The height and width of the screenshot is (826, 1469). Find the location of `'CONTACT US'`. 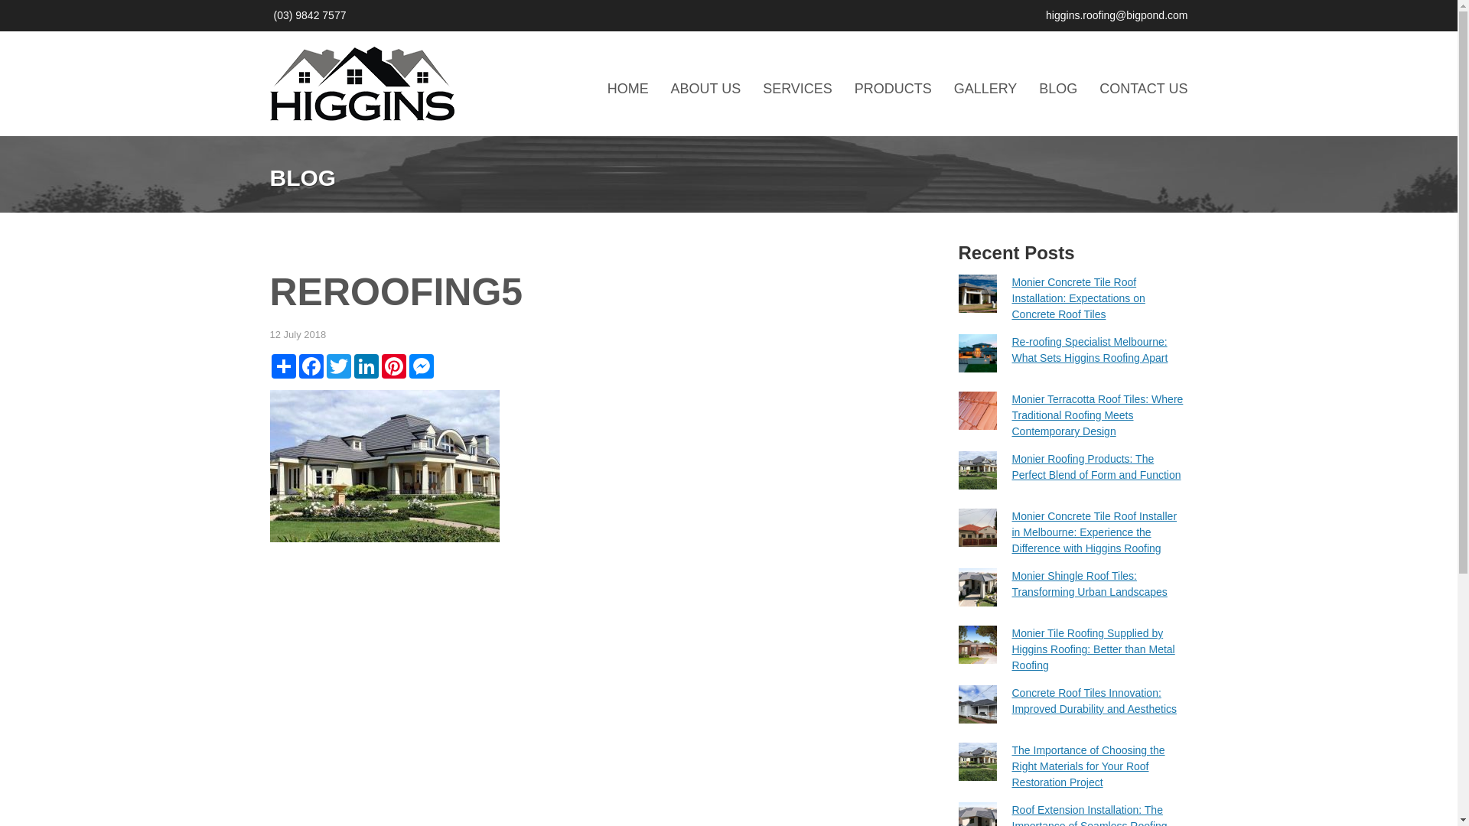

'CONTACT US' is located at coordinates (1143, 88).